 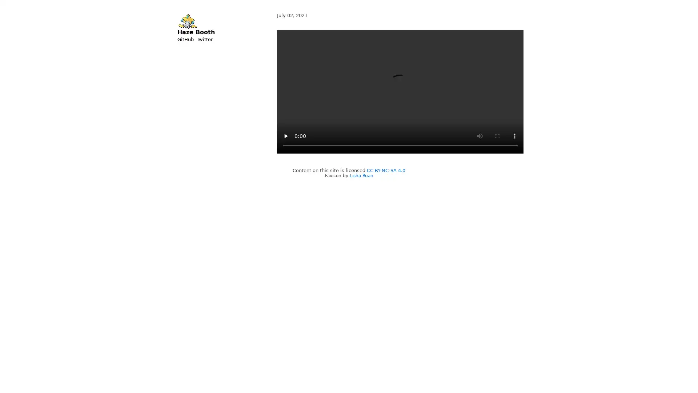 What do you see at coordinates (480, 136) in the screenshot?
I see `mute` at bounding box center [480, 136].